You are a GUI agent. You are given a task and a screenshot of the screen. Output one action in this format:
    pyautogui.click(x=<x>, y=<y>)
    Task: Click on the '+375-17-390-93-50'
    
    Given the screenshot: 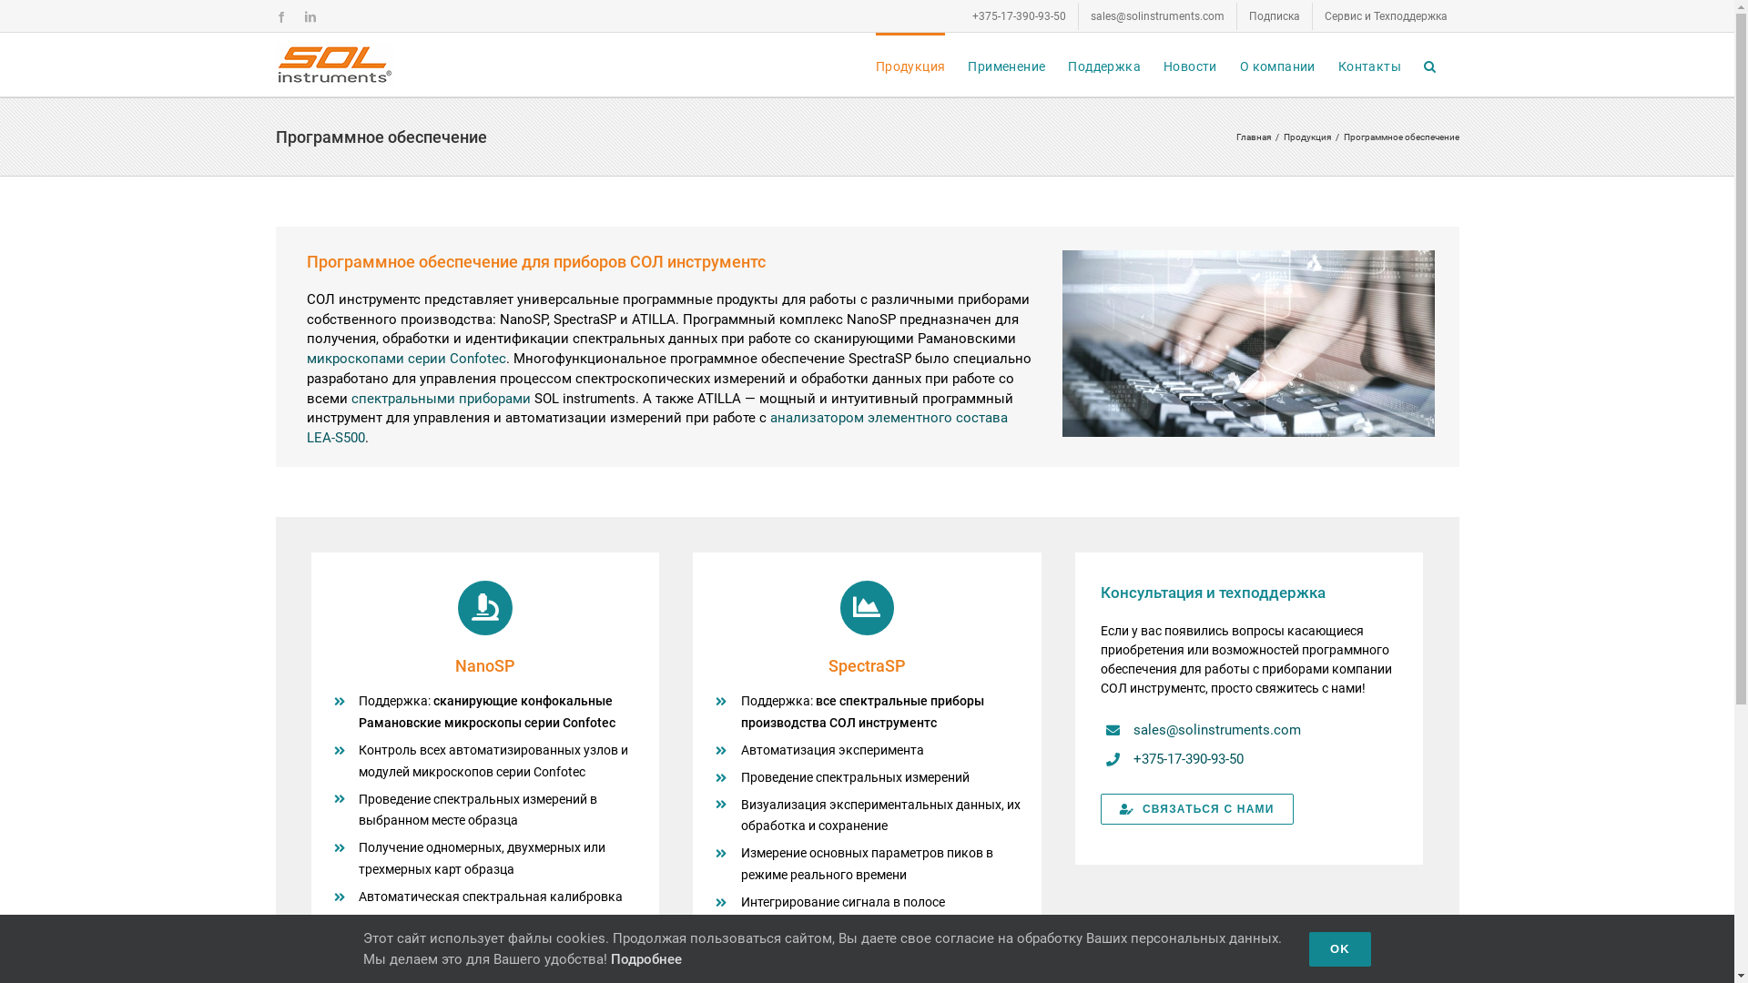 What is the action you would take?
    pyautogui.click(x=1017, y=15)
    